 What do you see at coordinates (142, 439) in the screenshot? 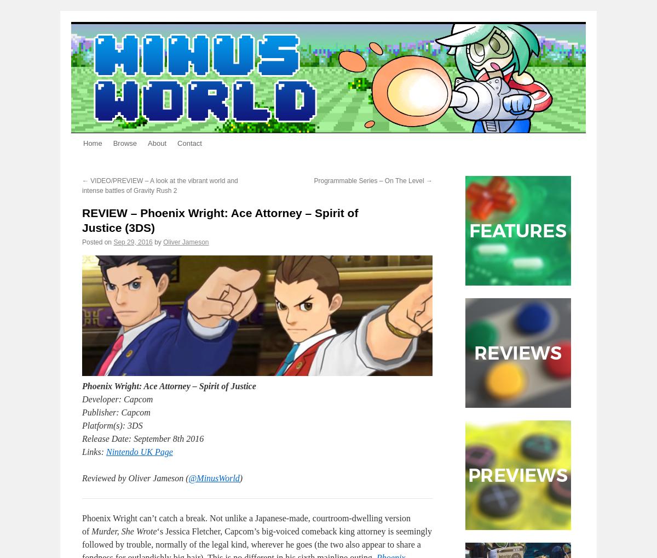
I see `'Release Date: September 8th 2016'` at bounding box center [142, 439].